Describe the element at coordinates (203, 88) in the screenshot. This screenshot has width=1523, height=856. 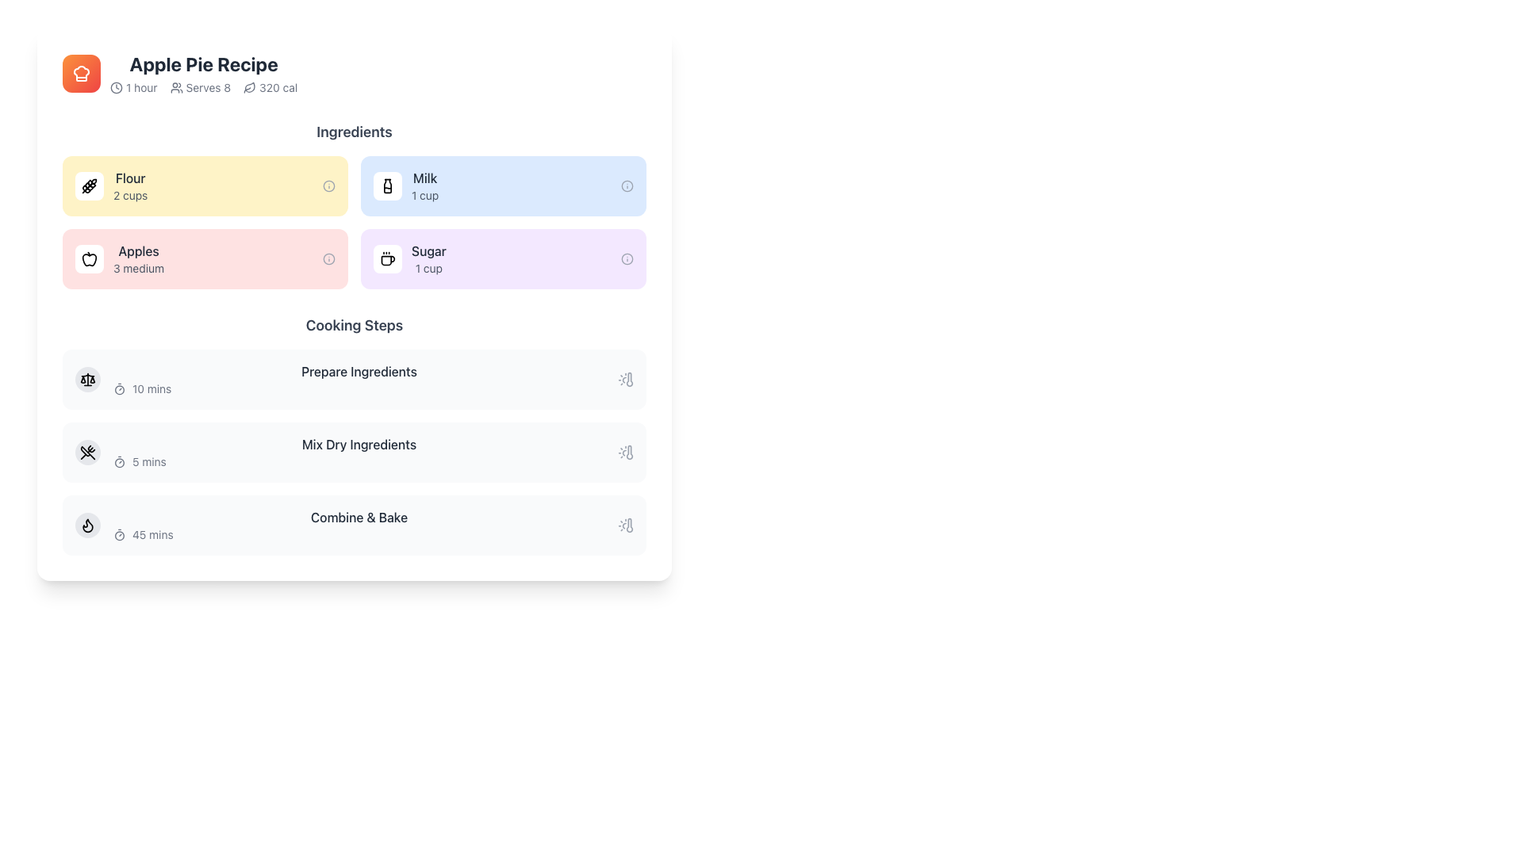
I see `informational text group below the title 'Apple Pie Recipe', which includes details about preparation duration, servings, and caloric content` at that location.